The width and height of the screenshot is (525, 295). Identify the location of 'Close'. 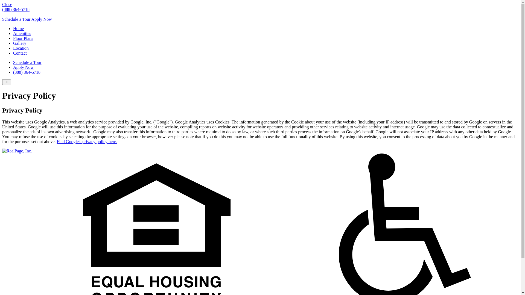
(7, 4).